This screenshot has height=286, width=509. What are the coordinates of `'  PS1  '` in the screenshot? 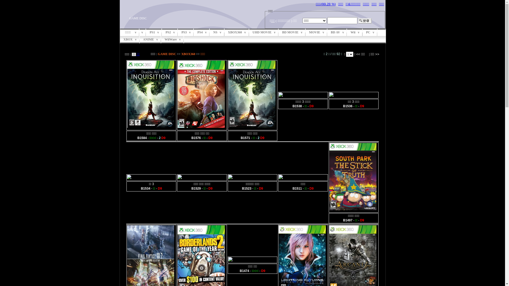 It's located at (153, 32).